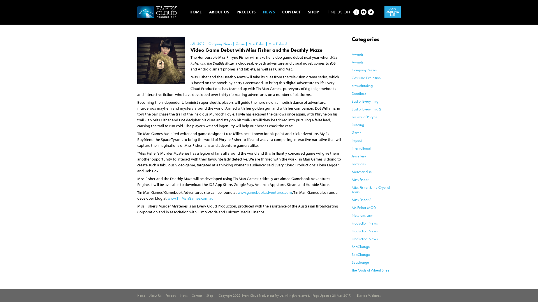 Image resolution: width=538 pixels, height=302 pixels. I want to click on 'SeaChange', so click(351, 246).